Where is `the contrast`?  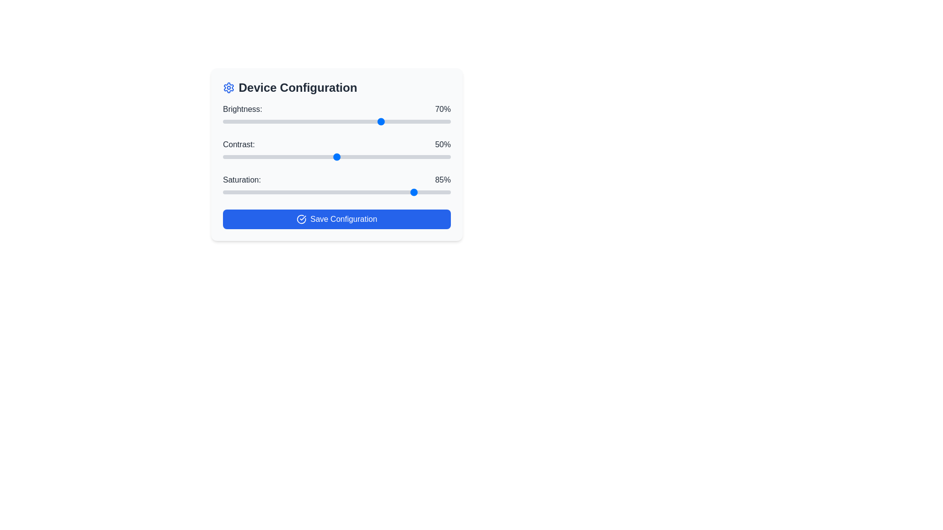
the contrast is located at coordinates (325, 157).